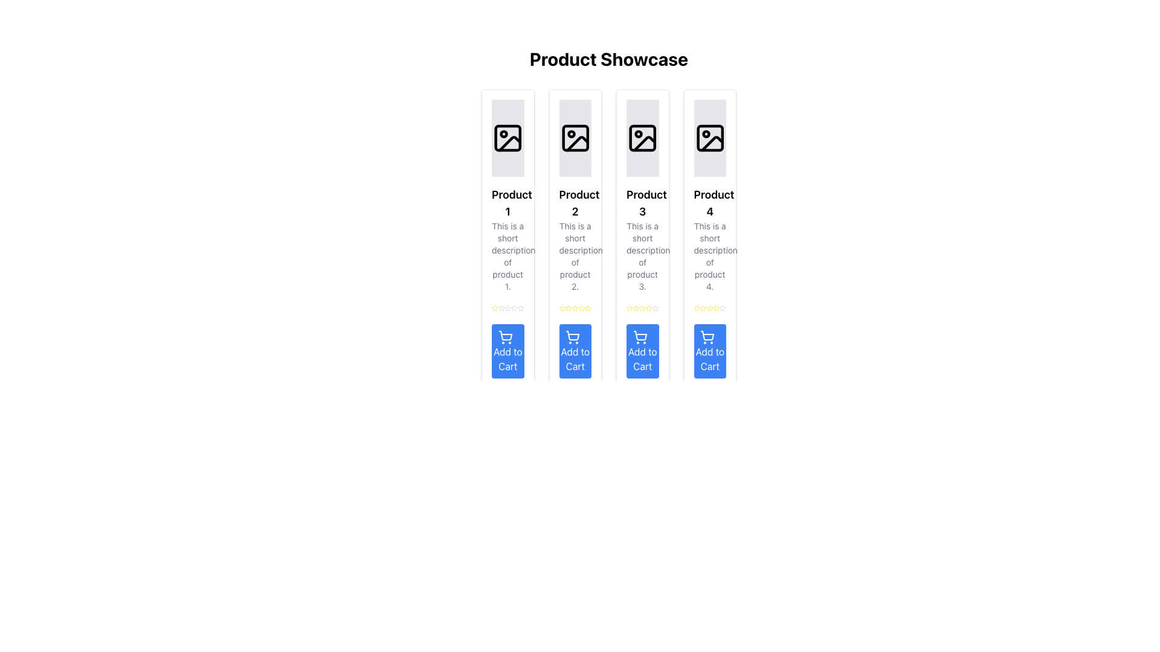  I want to click on the first star rating element for 'Product 1', located above the 'Add to Cart' button, so click(495, 307).